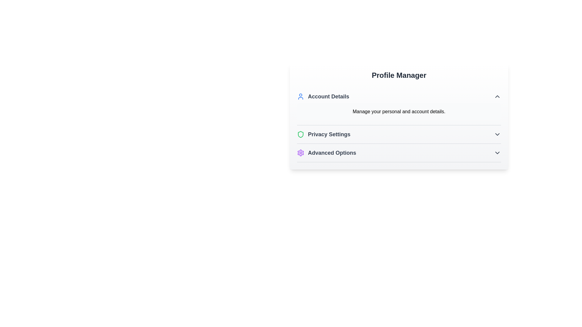 Image resolution: width=582 pixels, height=327 pixels. I want to click on the green shield icon associated with the 'Privacy Settings' label, so click(323, 134).